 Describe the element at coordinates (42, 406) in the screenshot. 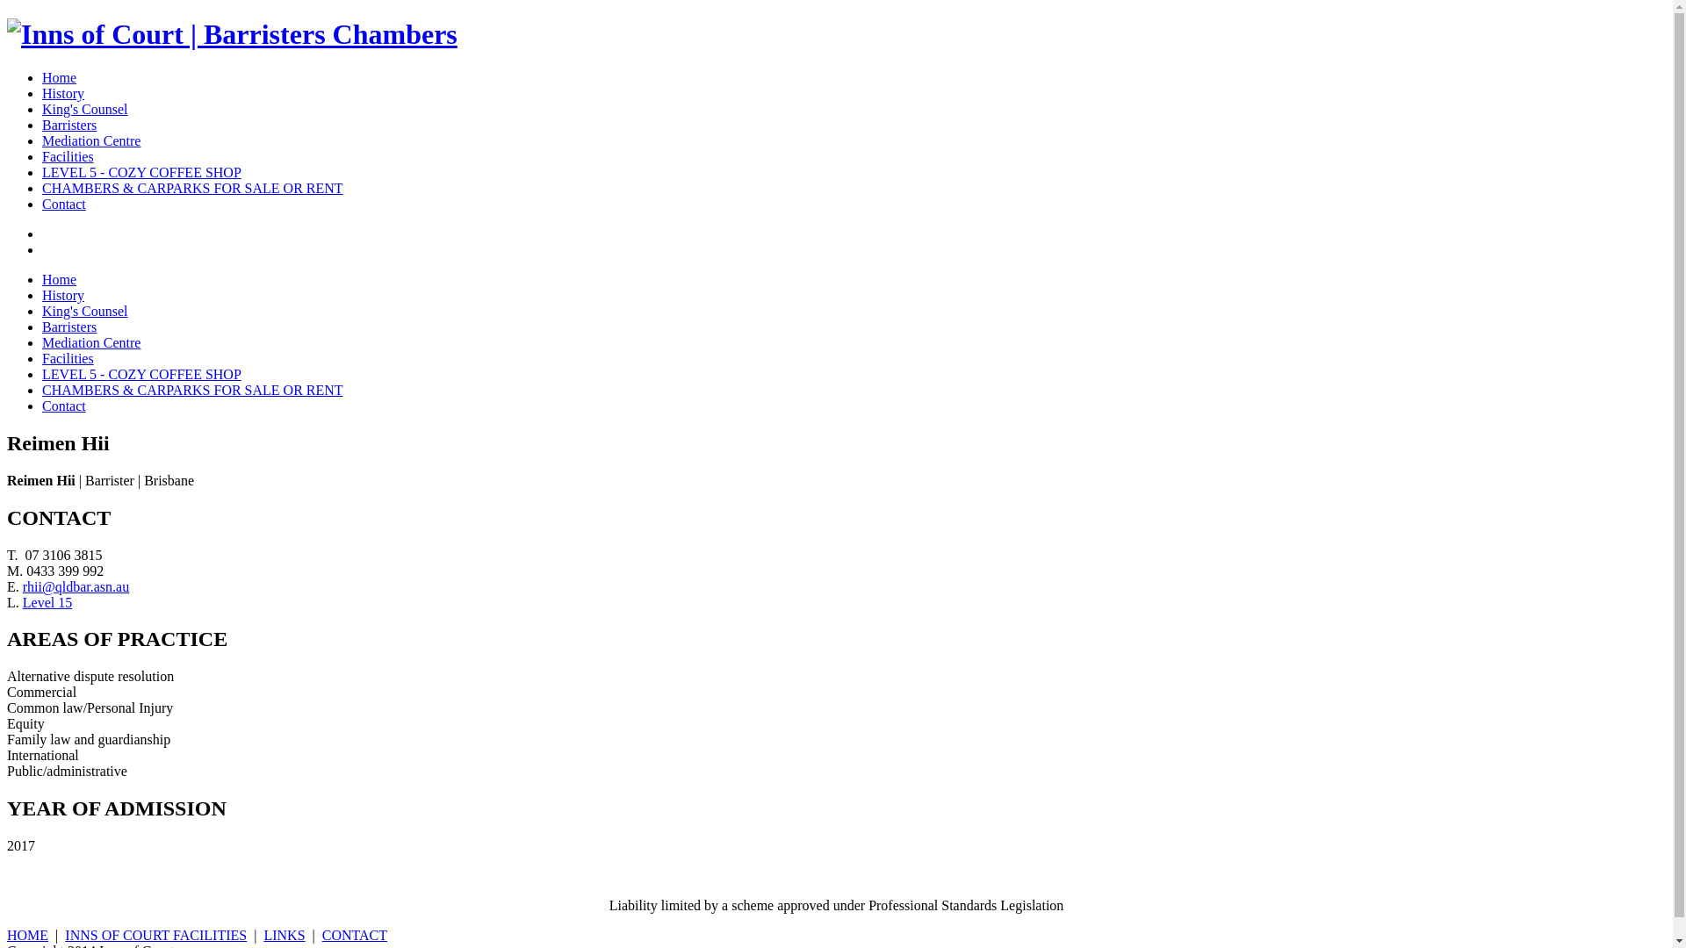

I see `'Contact'` at that location.